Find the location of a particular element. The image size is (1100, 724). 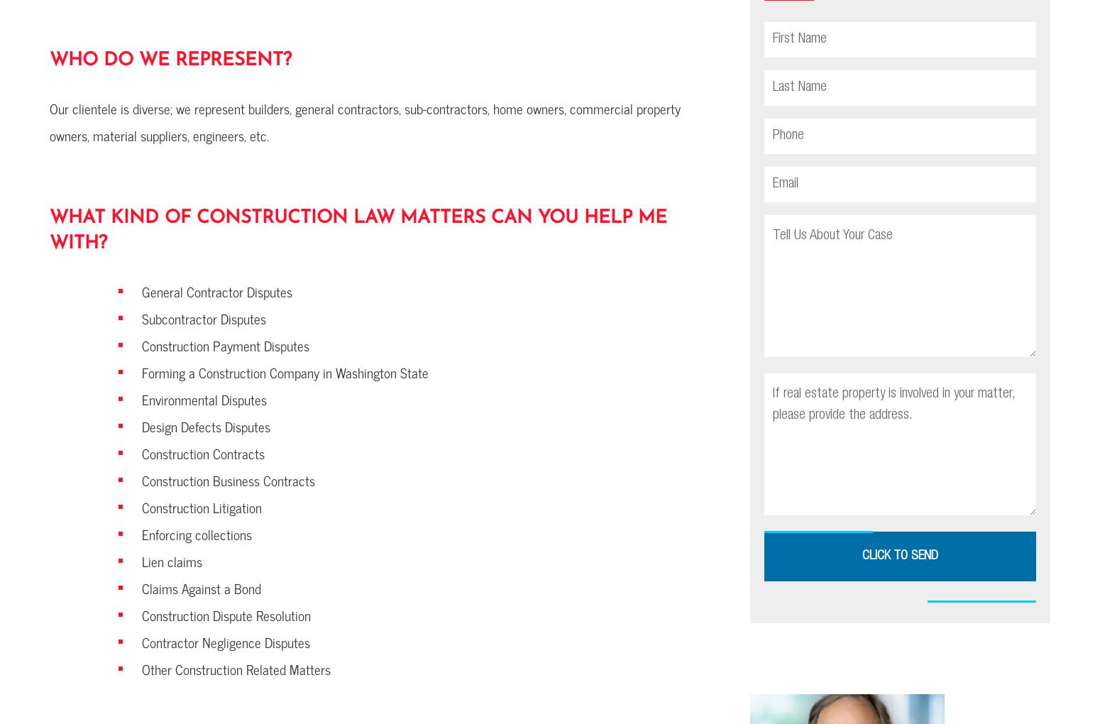

'Claims Against a Bond' is located at coordinates (201, 588).